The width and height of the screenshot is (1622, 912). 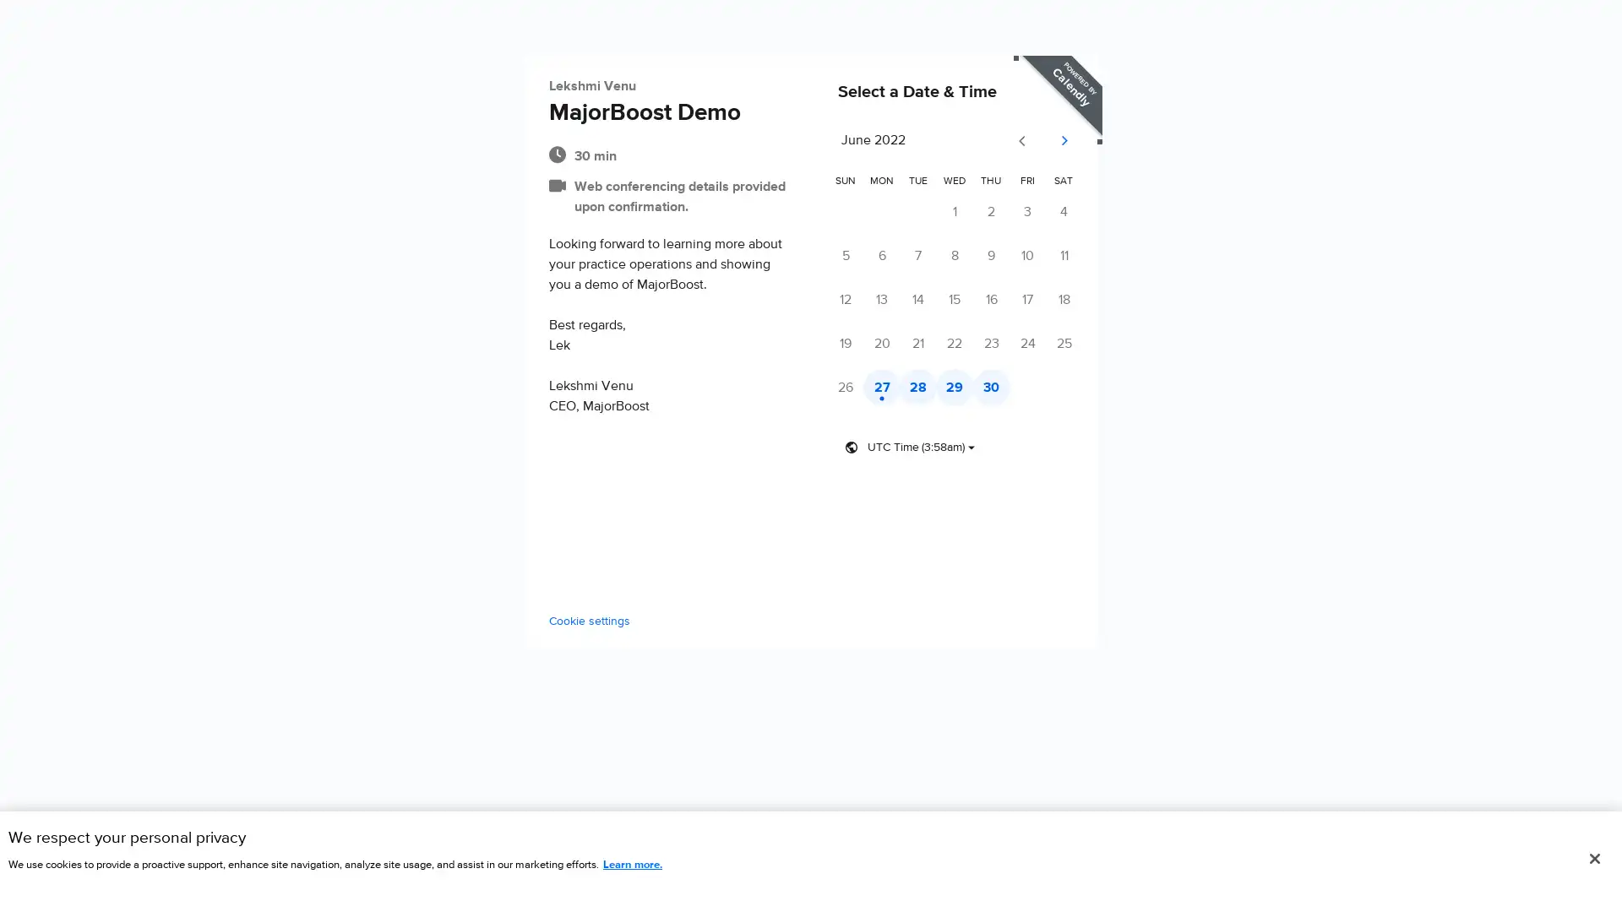 What do you see at coordinates (1110, 257) in the screenshot?
I see `Saturday, June 11 - No times available` at bounding box center [1110, 257].